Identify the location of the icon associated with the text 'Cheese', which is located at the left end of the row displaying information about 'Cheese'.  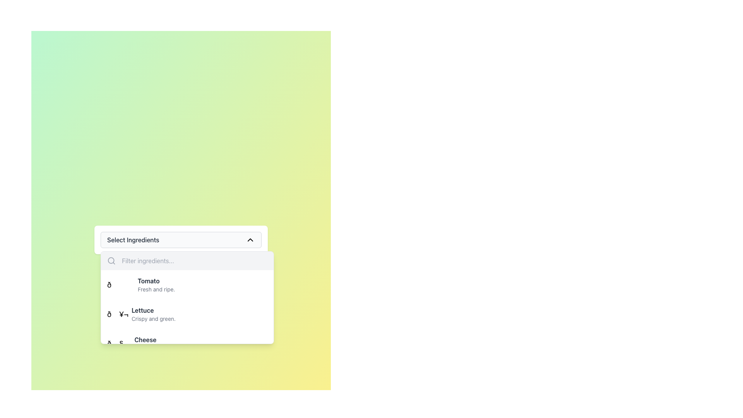
(119, 343).